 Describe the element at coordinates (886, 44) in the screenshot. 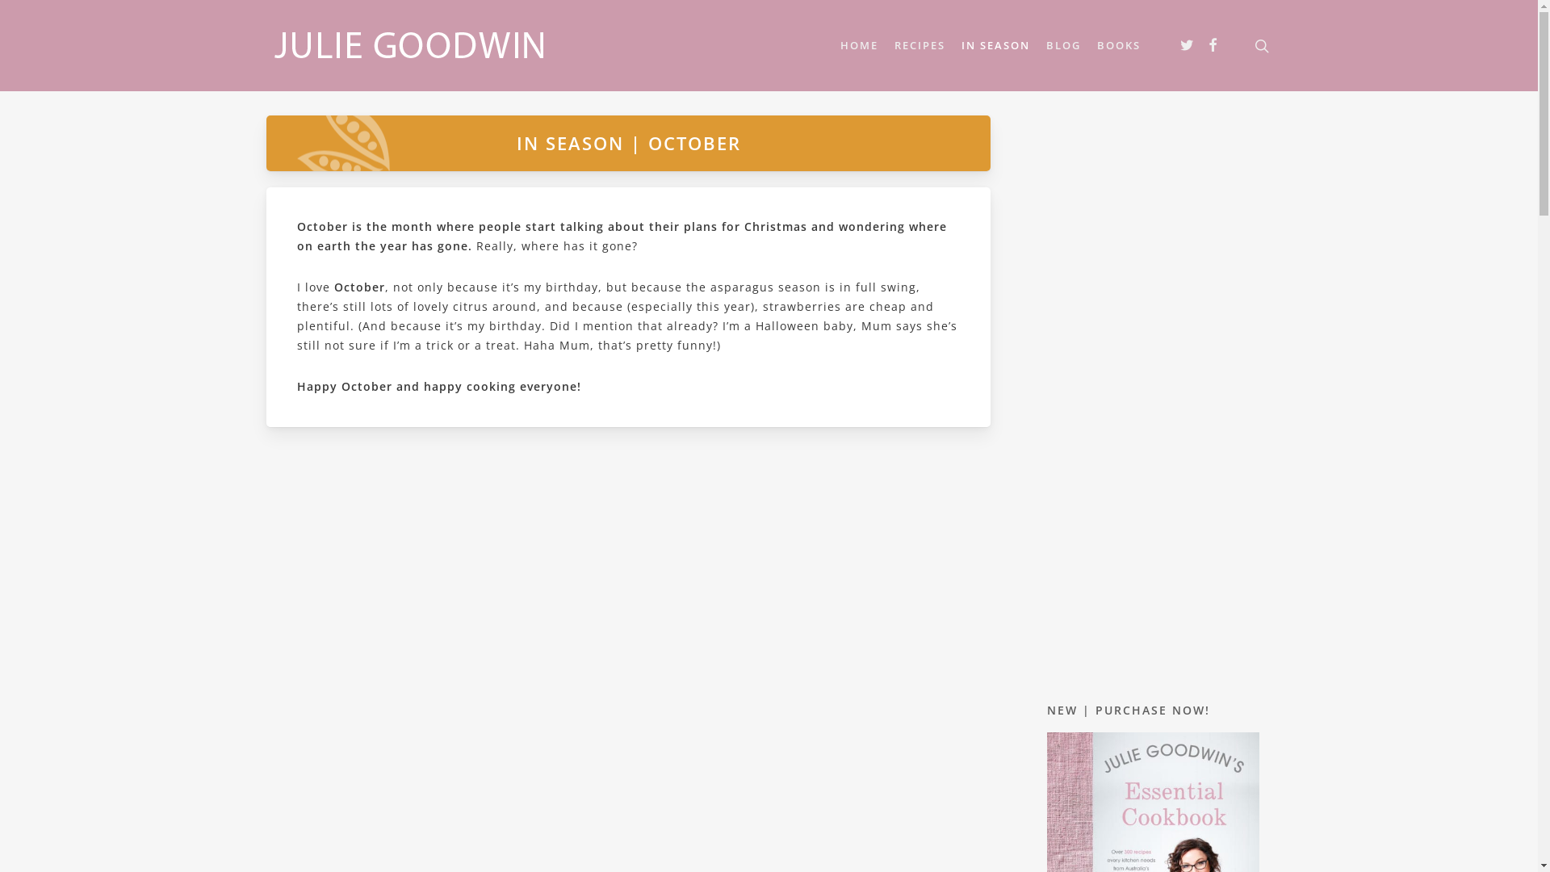

I see `'RECIPES'` at that location.